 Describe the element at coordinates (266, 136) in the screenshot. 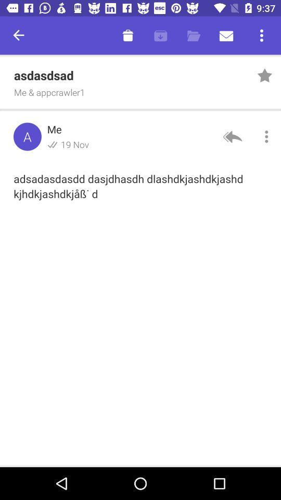

I see `the more icon` at that location.